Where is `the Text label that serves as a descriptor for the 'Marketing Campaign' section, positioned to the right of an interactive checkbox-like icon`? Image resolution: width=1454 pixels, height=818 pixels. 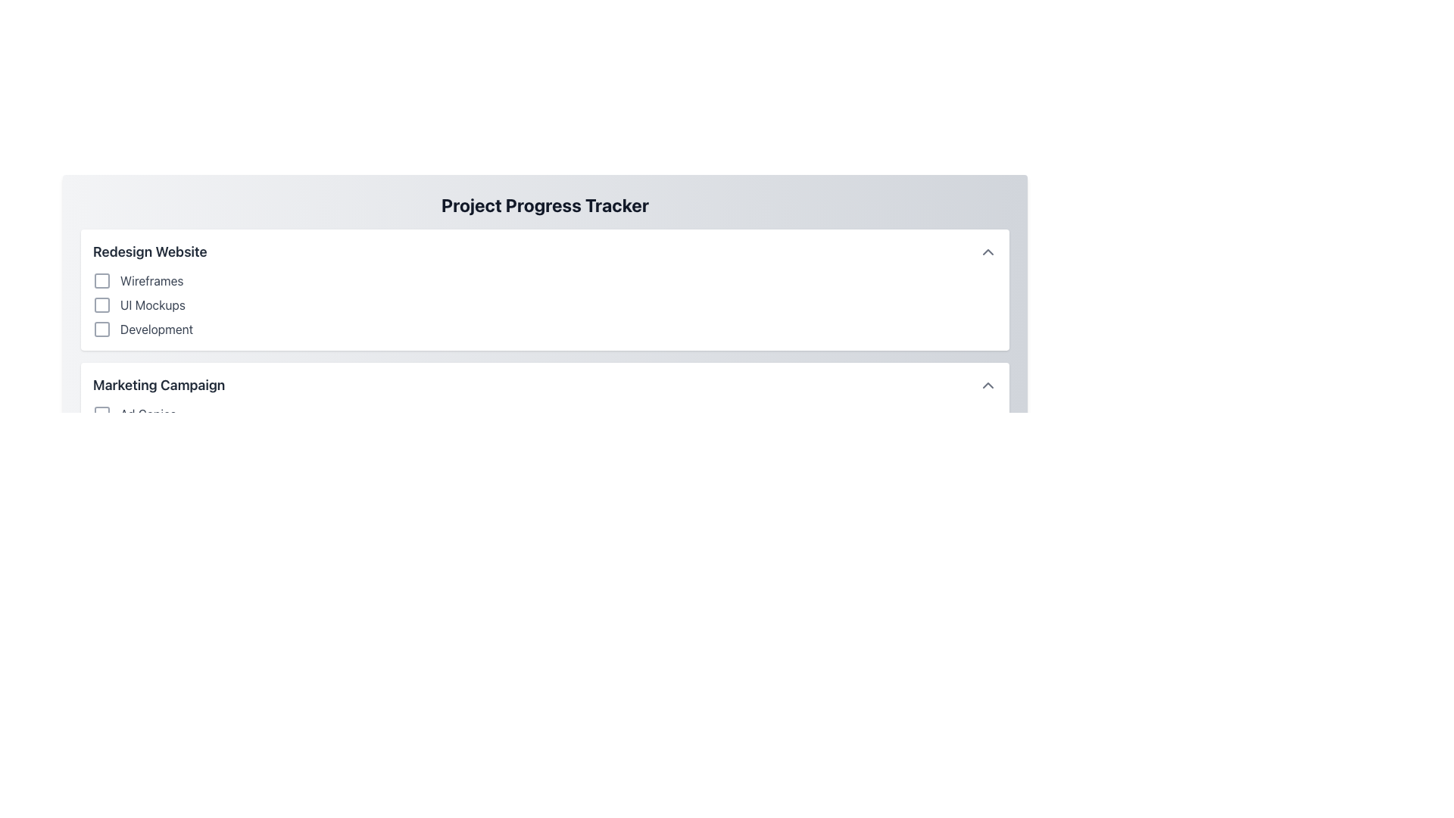
the Text label that serves as a descriptor for the 'Marketing Campaign' section, positioned to the right of an interactive checkbox-like icon is located at coordinates (148, 414).